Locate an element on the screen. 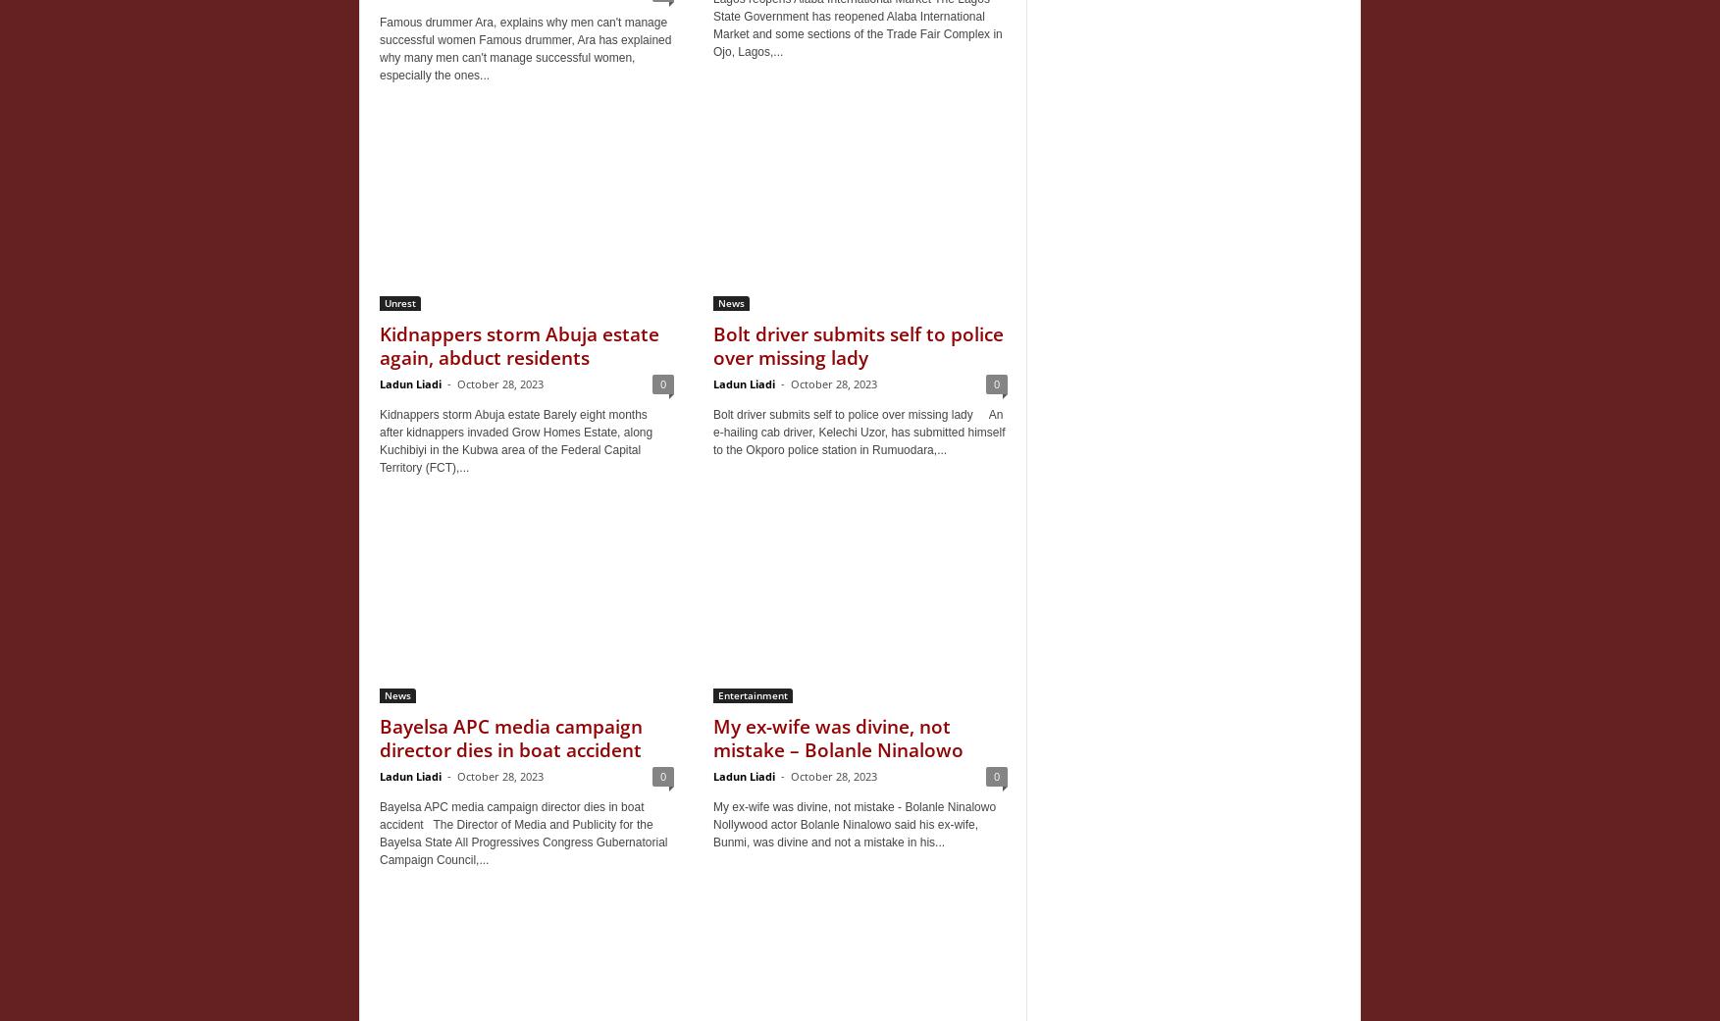 This screenshot has width=1720, height=1021. 'Bolt driver submits self to police over missing lady
 

 

An e-hailing cab driver, Kelechi Uzor, has submitted himself to the Okporo police station in Rumuodara,...' is located at coordinates (859, 431).